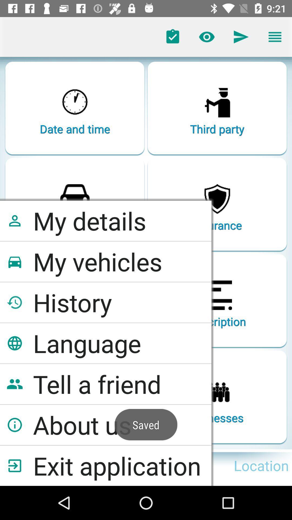  I want to click on the view button on page, so click(207, 37).